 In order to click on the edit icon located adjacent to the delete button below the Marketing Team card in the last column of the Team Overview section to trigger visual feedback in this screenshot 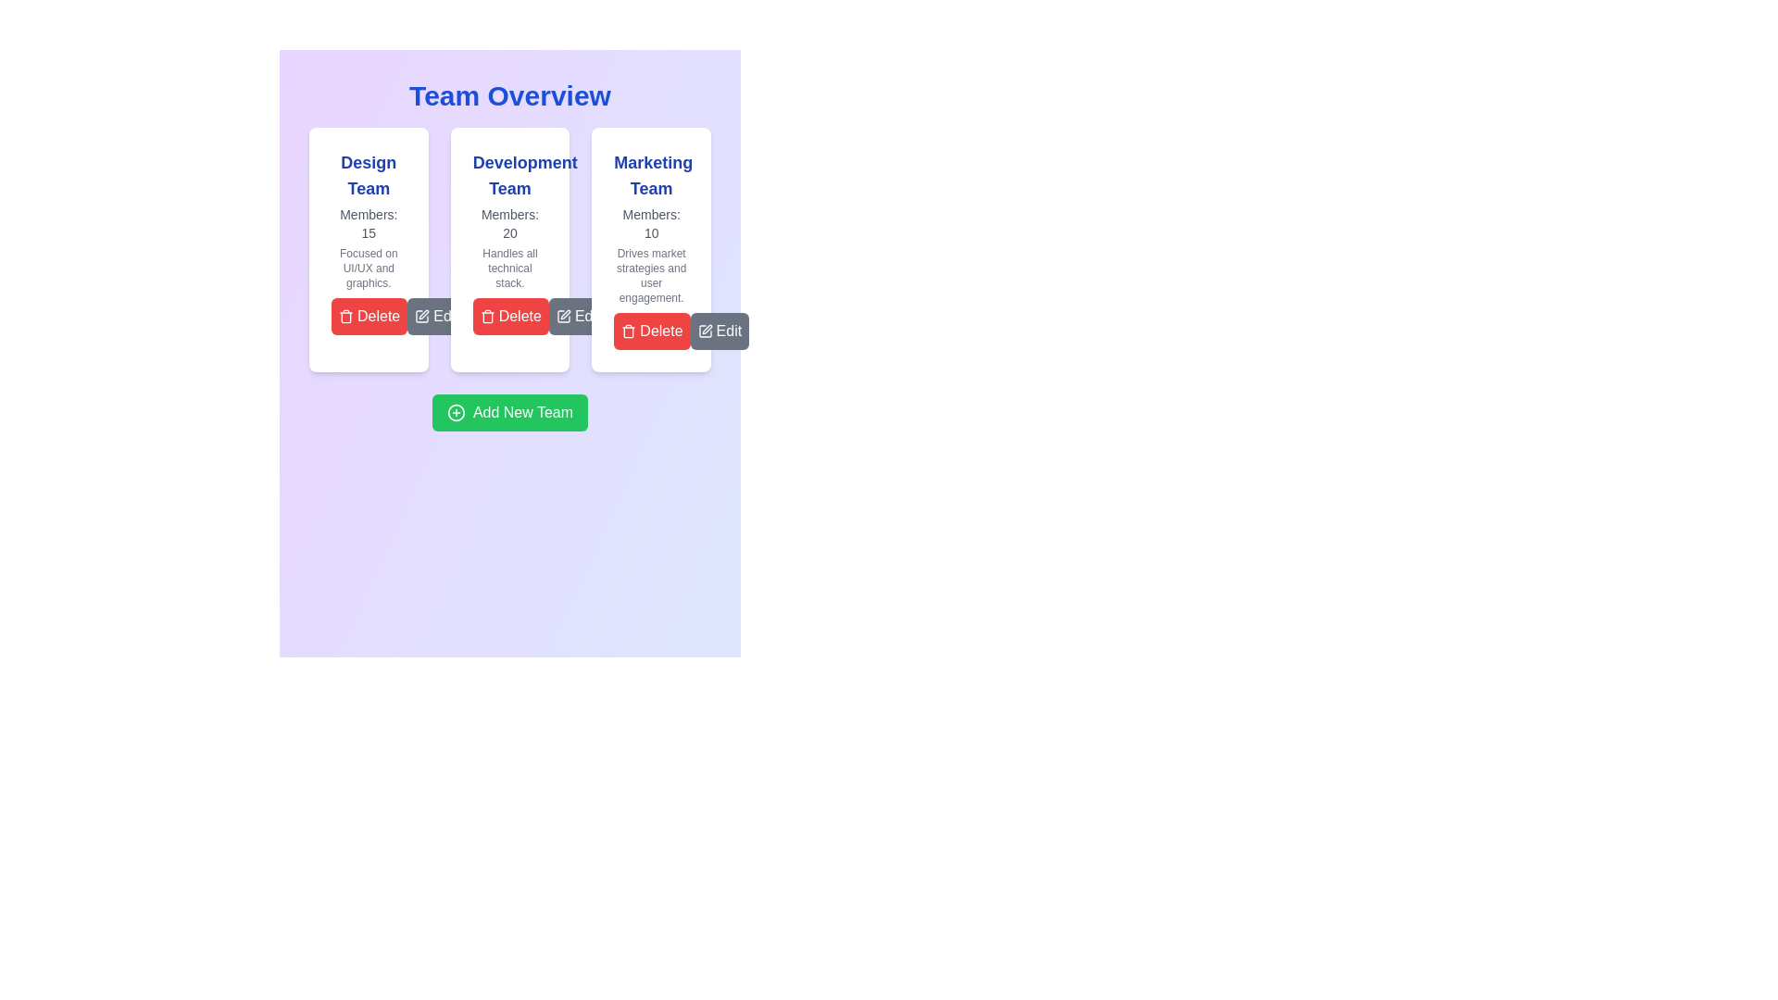, I will do `click(704, 331)`.